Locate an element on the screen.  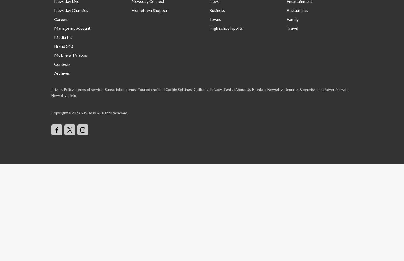
'Towns' is located at coordinates (215, 19).